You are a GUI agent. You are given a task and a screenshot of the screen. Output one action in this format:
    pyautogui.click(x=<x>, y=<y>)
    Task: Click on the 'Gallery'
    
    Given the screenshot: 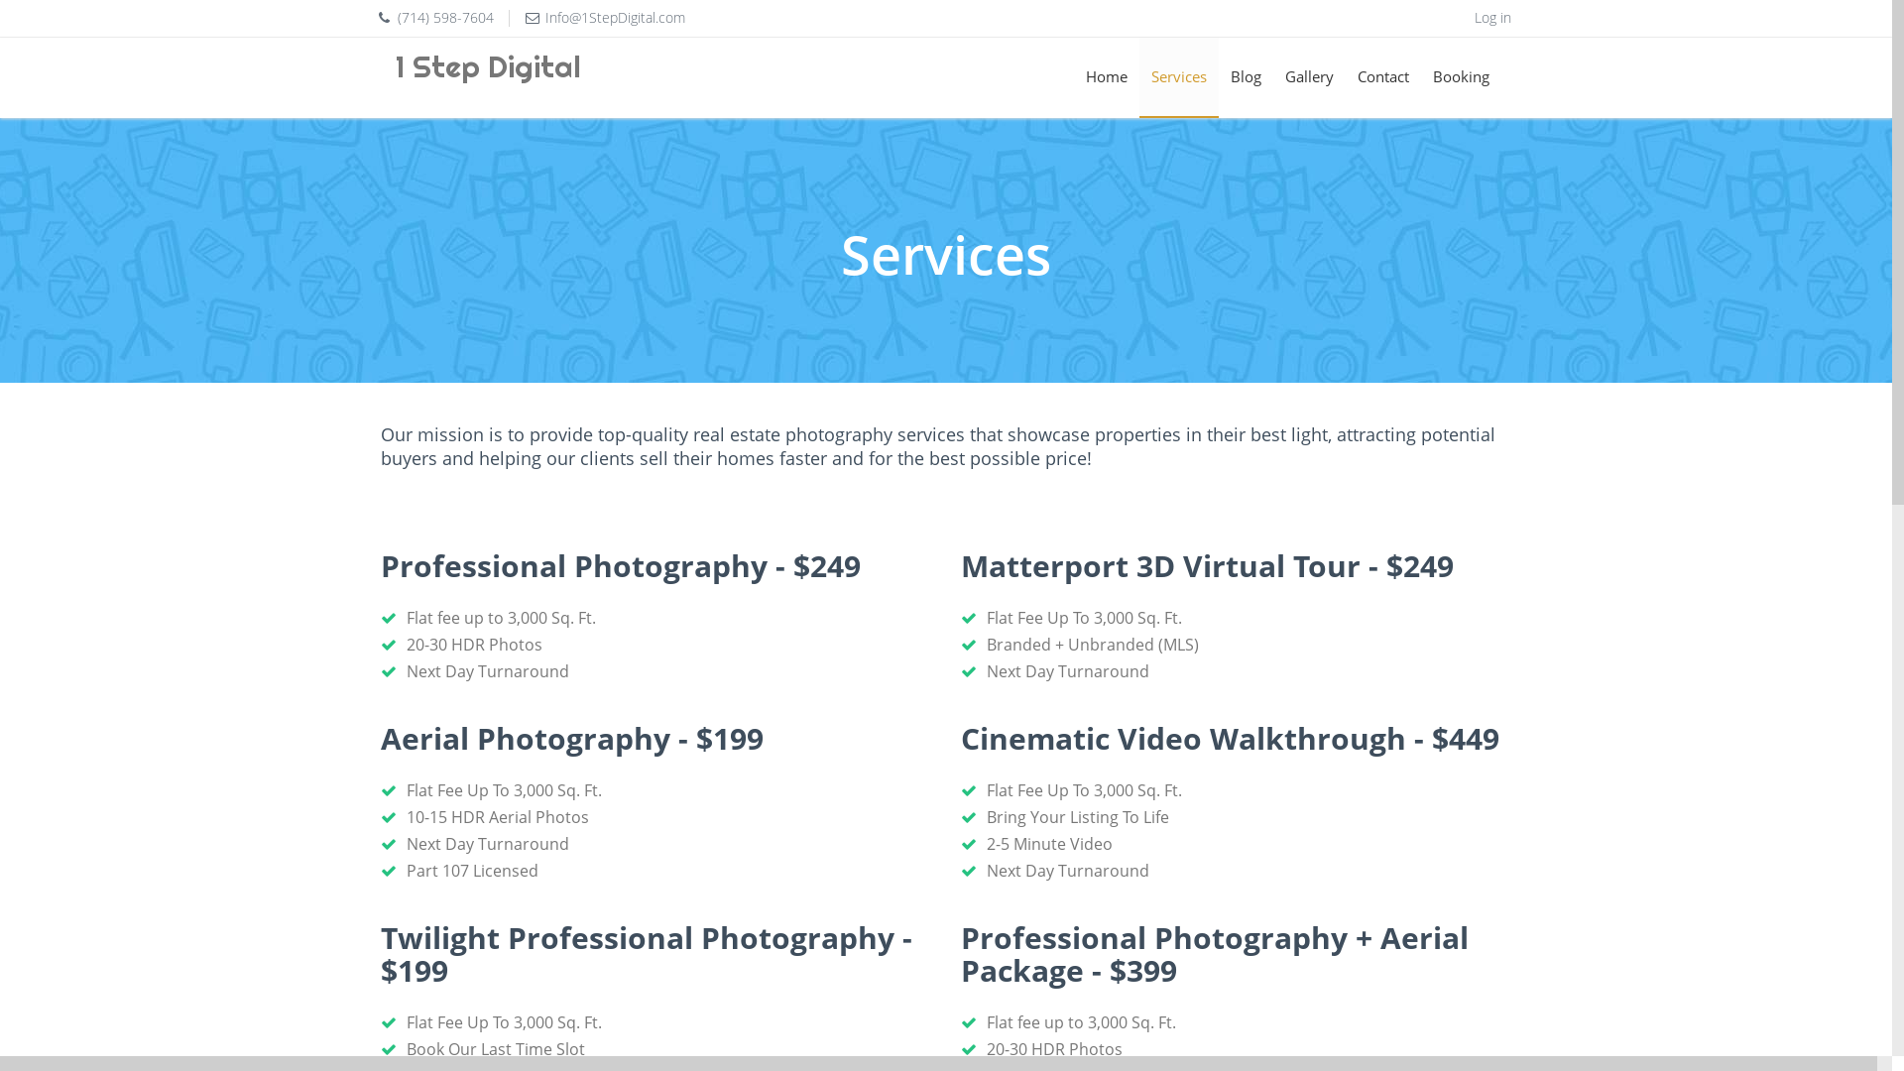 What is the action you would take?
    pyautogui.click(x=1309, y=75)
    